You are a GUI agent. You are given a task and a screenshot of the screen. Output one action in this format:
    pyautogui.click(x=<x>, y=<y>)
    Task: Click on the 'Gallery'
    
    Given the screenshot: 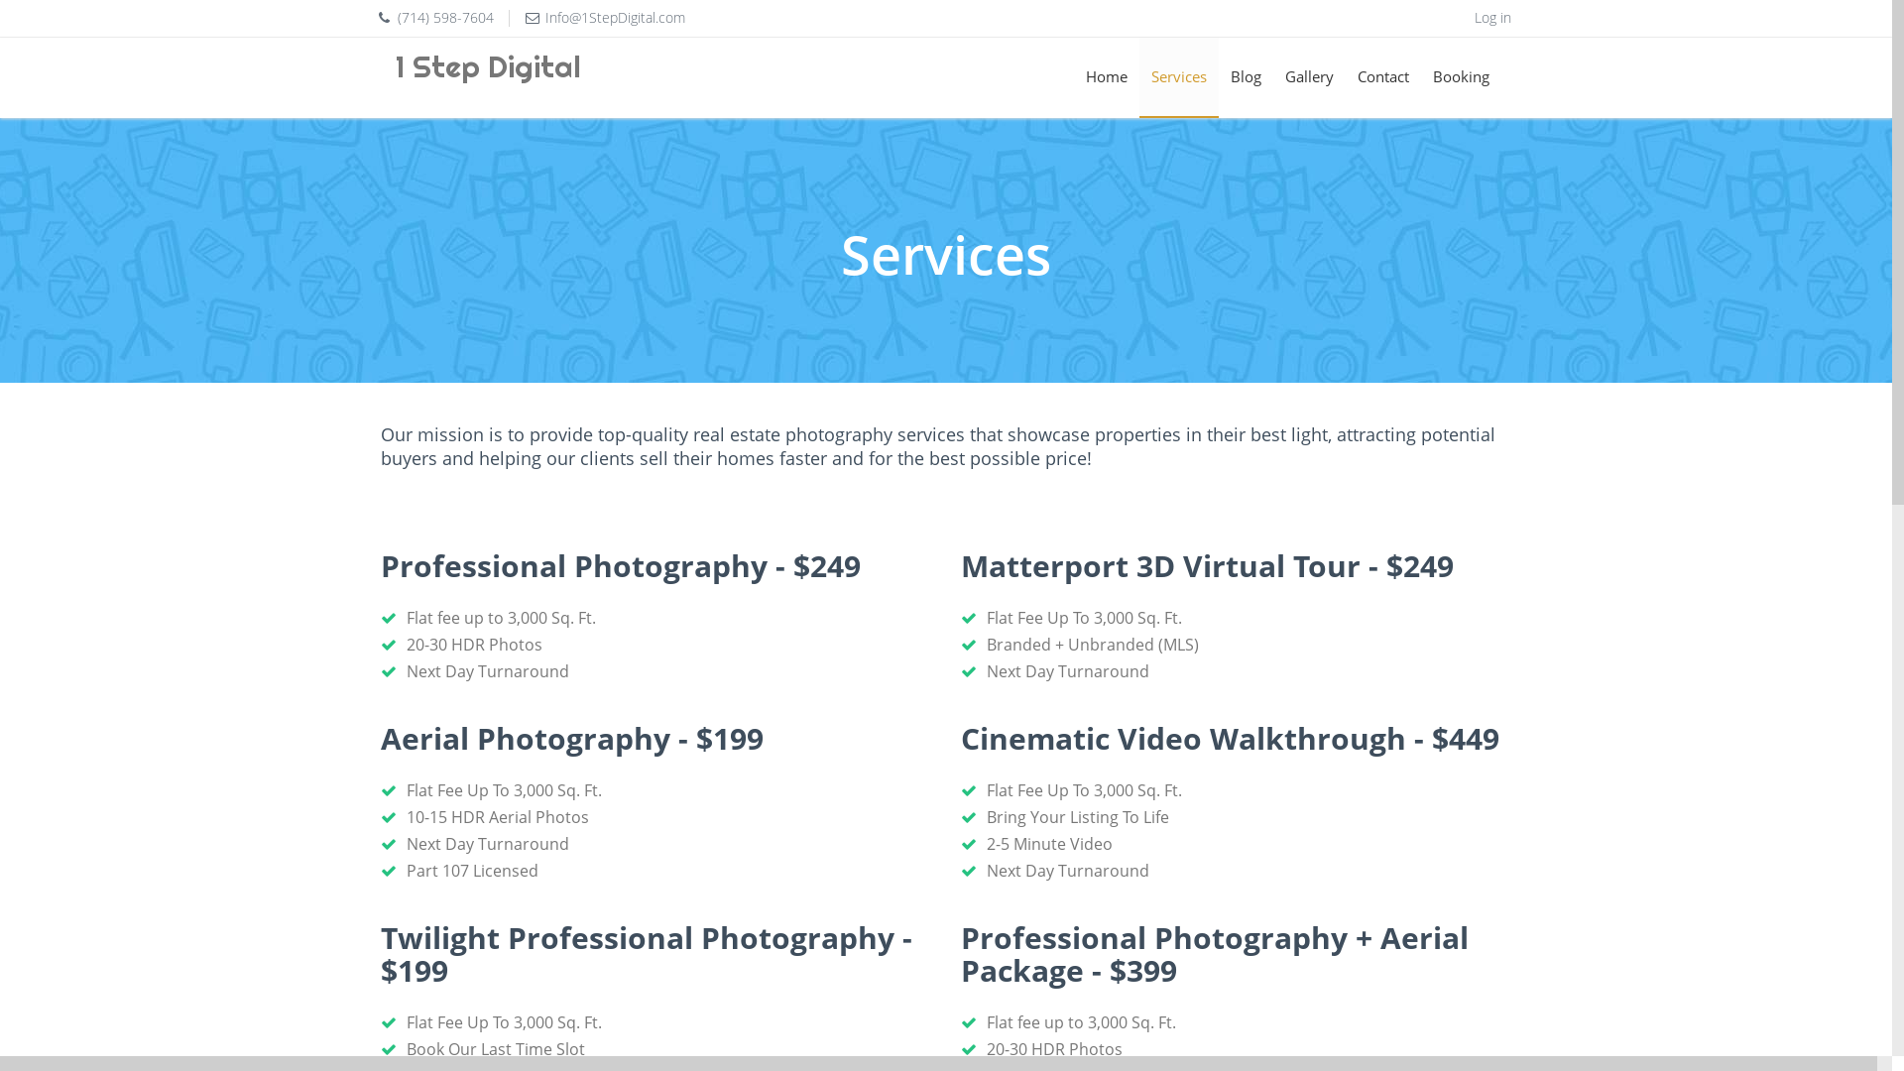 What is the action you would take?
    pyautogui.click(x=1309, y=75)
    